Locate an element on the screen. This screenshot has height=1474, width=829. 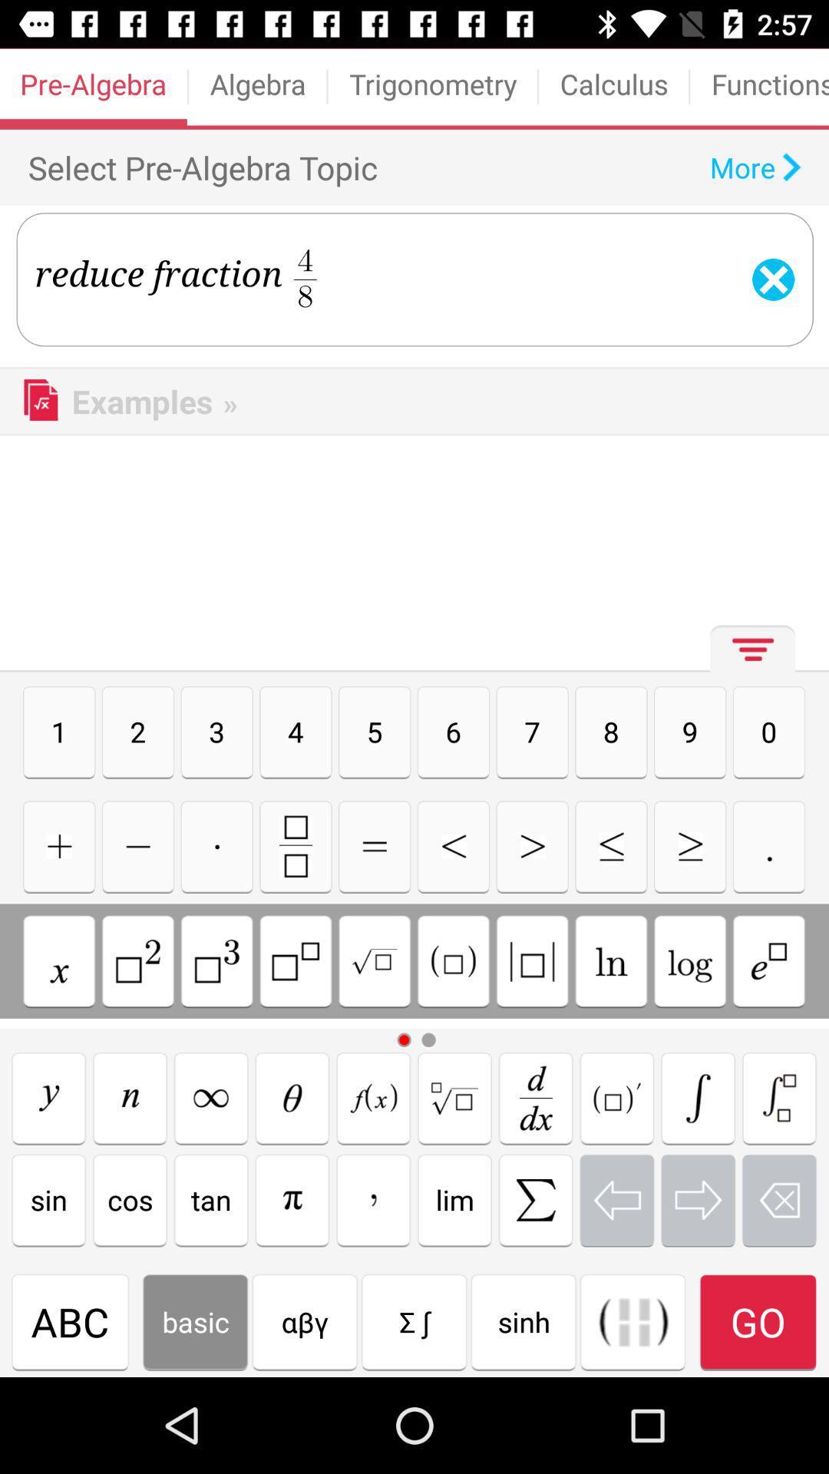
insert brackets is located at coordinates (531, 960).